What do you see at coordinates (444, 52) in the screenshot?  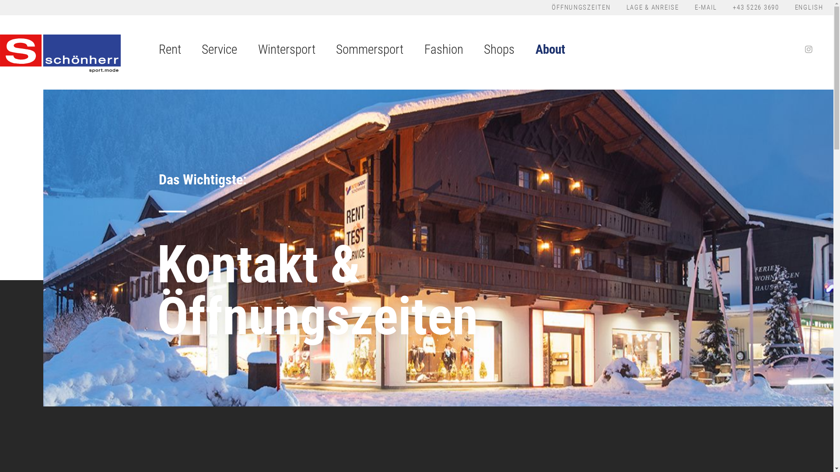 I see `'Fashion'` at bounding box center [444, 52].